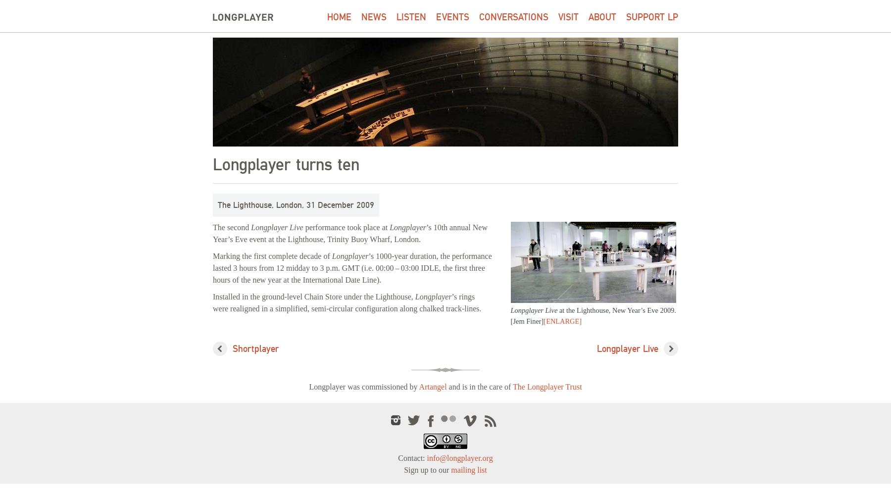 This screenshot has height=495, width=891. I want to click on 'The second', so click(213, 227).